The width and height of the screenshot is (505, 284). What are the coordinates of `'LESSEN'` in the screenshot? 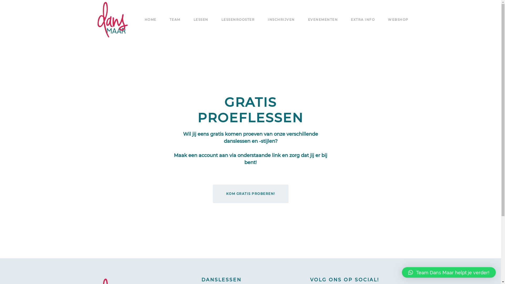 It's located at (200, 19).